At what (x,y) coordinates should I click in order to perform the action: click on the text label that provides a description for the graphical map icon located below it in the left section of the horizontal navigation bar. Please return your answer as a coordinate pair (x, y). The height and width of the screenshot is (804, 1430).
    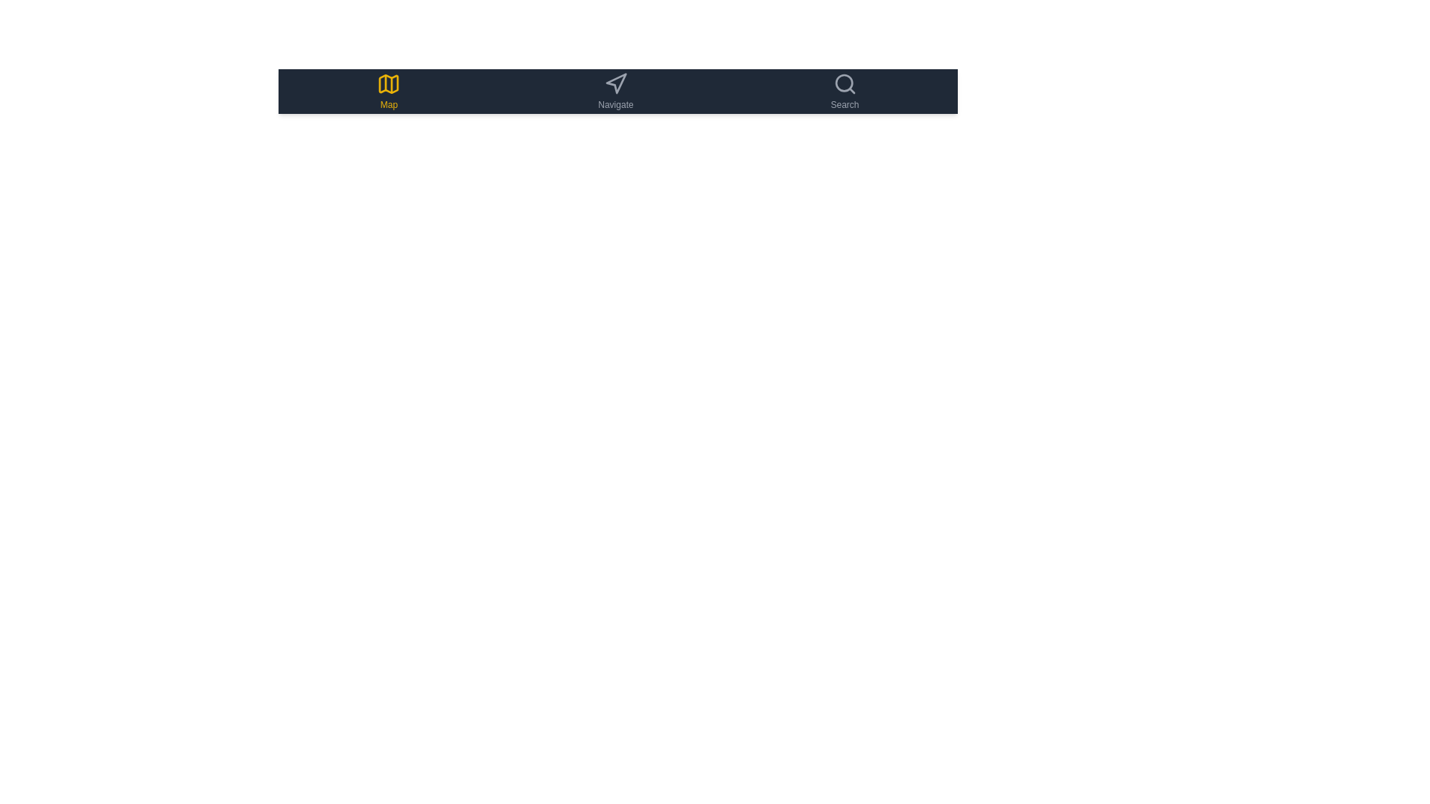
    Looking at the image, I should click on (389, 104).